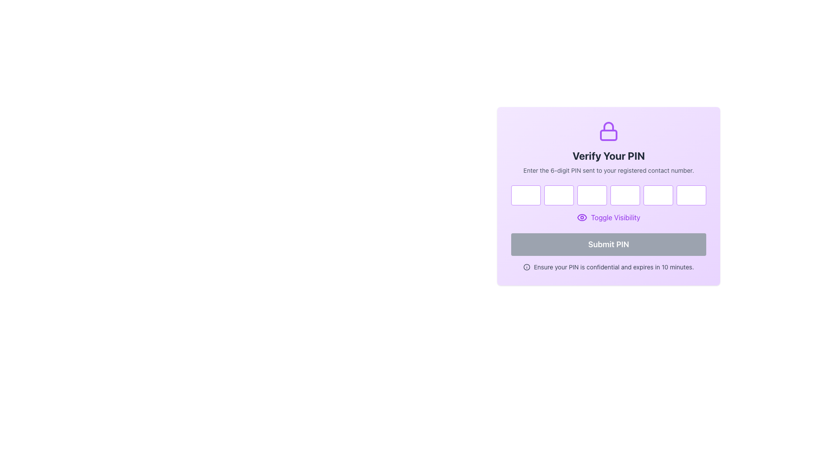  Describe the element at coordinates (608, 126) in the screenshot. I see `the graphical lock icon, which is a representation of a padlock outlined in purple, located near the 'Verify Your PIN' heading` at that location.